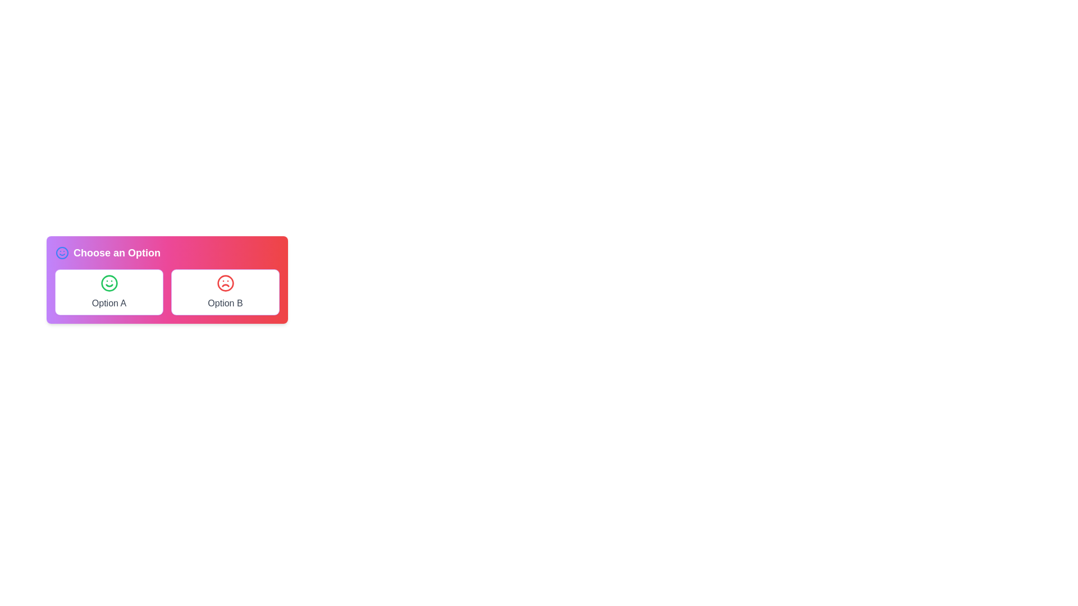 Image resolution: width=1078 pixels, height=606 pixels. I want to click on the first button in the two-column grid layout below the title 'Choose an Option' to signal a positive response, so click(109, 291).